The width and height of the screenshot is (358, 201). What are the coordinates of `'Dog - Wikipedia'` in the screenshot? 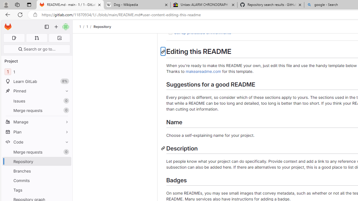 It's located at (137, 5).